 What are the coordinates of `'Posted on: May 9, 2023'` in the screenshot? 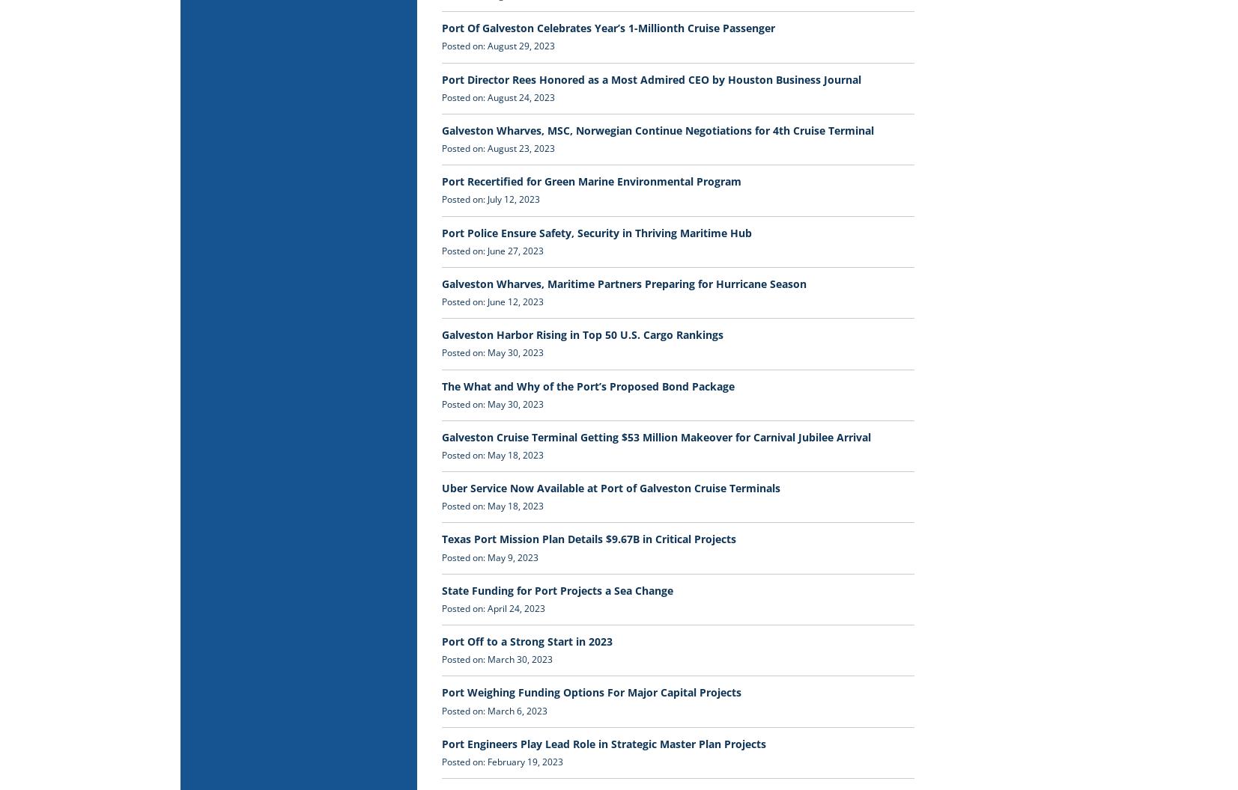 It's located at (440, 556).